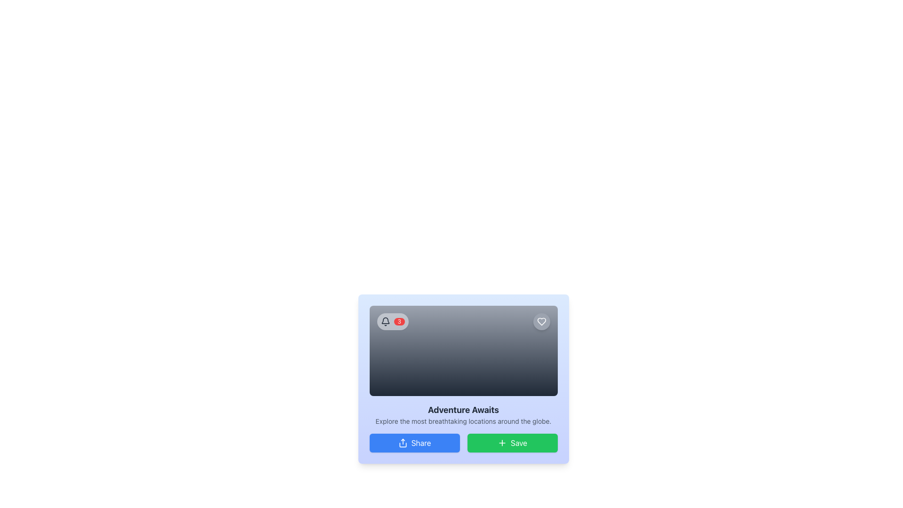 The height and width of the screenshot is (508, 903). Describe the element at coordinates (541, 321) in the screenshot. I see `the circular button with a heart icon in the top-right corner of the card` at that location.